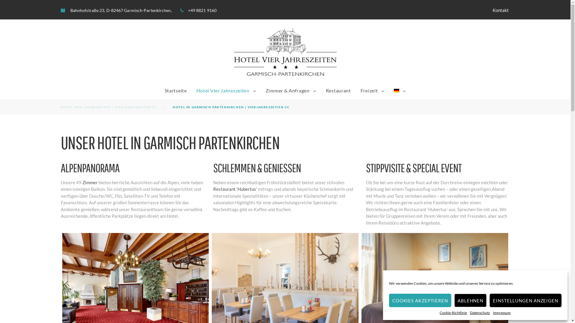 This screenshot has width=575, height=323. What do you see at coordinates (89, 182) in the screenshot?
I see `'Zimmer'` at bounding box center [89, 182].